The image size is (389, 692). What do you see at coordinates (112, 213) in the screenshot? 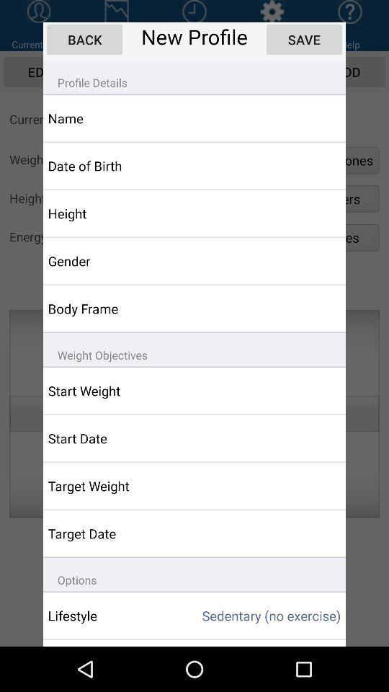
I see `the item below date of birth item` at bounding box center [112, 213].